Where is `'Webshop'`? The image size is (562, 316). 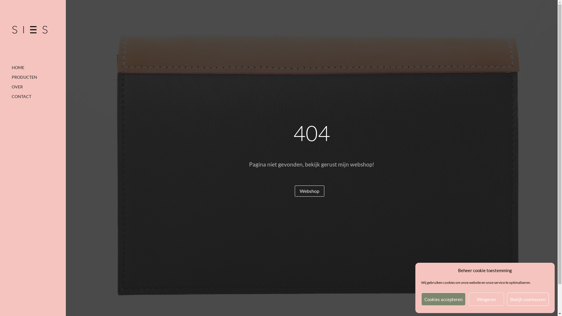 'Webshop' is located at coordinates (309, 191).